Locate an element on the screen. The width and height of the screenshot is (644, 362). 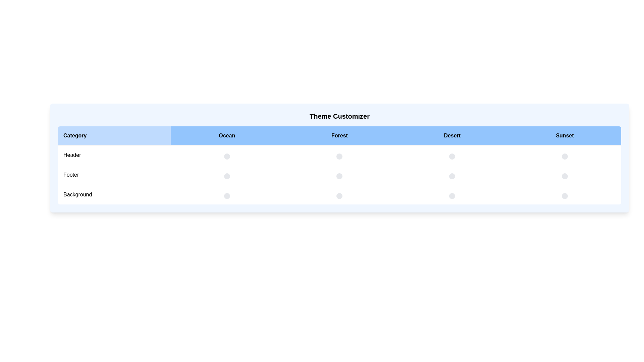
the label with a blue background and the text 'Forest', which is the third label in a row of categories including 'Category', 'Ocean', 'Forest', 'Desert', and 'Sunset' is located at coordinates (339, 136).